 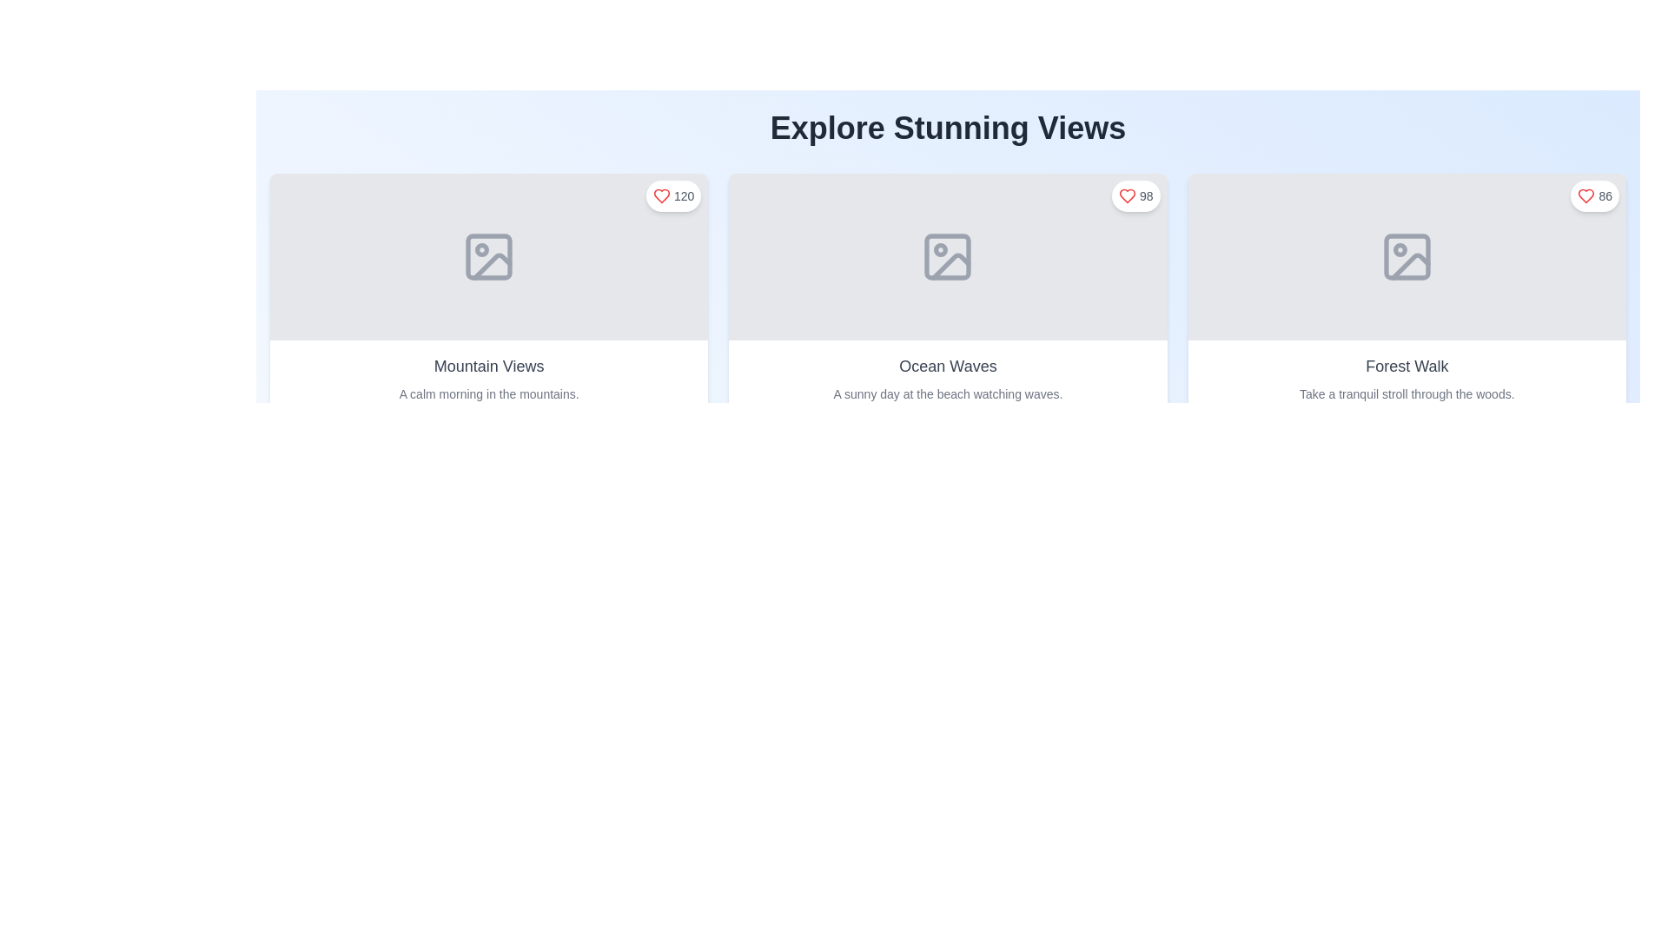 What do you see at coordinates (683, 195) in the screenshot?
I see `the static text element displaying the numeric counter located in the top-right corner of the first card, adjacent to the red heart icon` at bounding box center [683, 195].